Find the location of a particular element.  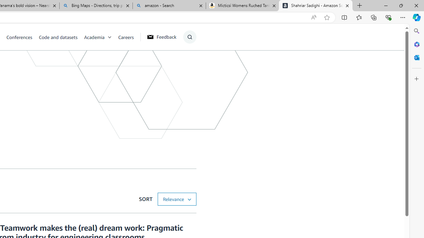

'Show Search Form' is located at coordinates (189, 37).